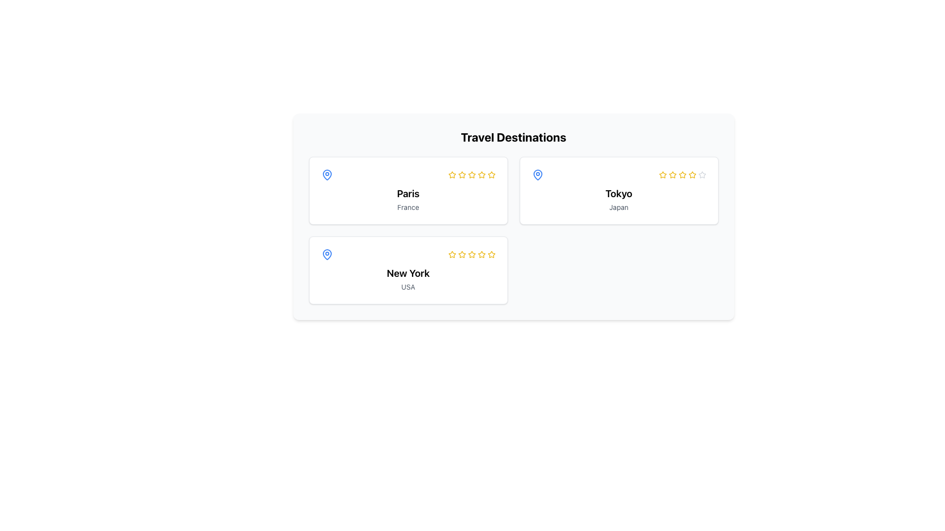 This screenshot has width=945, height=531. I want to click on the third star in the rating system for 'New York' in the Travel Destinations section, so click(481, 254).